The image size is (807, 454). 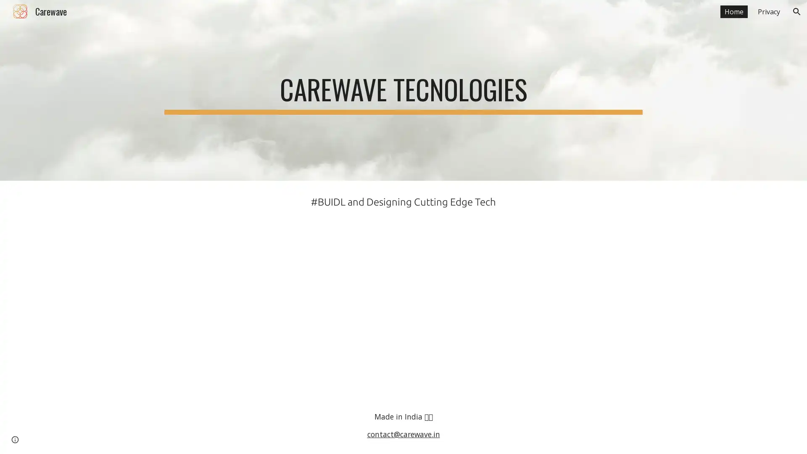 What do you see at coordinates (77, 439) in the screenshot?
I see `Report abuse` at bounding box center [77, 439].